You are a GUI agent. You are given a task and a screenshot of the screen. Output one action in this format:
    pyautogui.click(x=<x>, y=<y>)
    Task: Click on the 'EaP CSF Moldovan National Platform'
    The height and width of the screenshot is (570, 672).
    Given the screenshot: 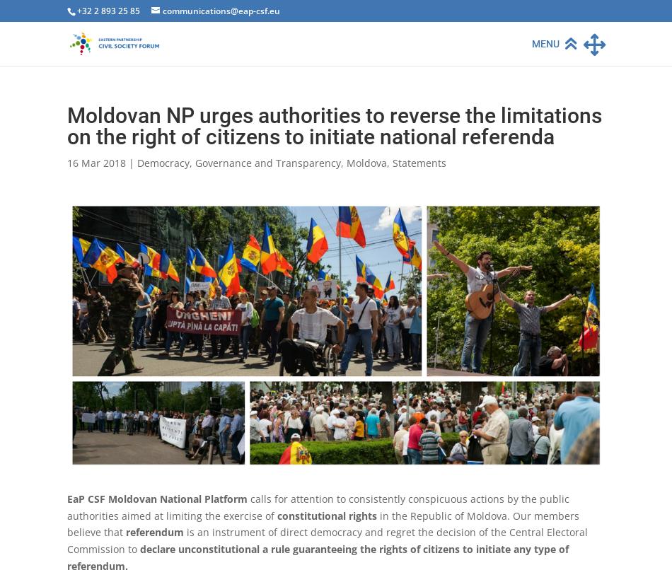 What is the action you would take?
    pyautogui.click(x=157, y=498)
    